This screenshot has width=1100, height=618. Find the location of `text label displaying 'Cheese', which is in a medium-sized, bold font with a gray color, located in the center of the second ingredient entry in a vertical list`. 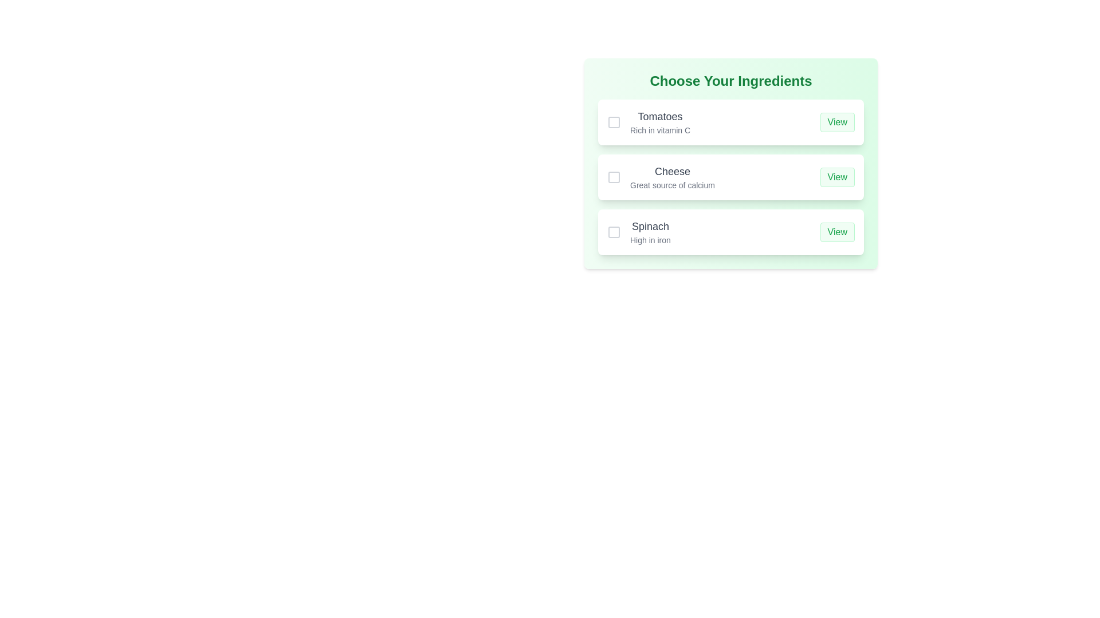

text label displaying 'Cheese', which is in a medium-sized, bold font with a gray color, located in the center of the second ingredient entry in a vertical list is located at coordinates (672, 172).